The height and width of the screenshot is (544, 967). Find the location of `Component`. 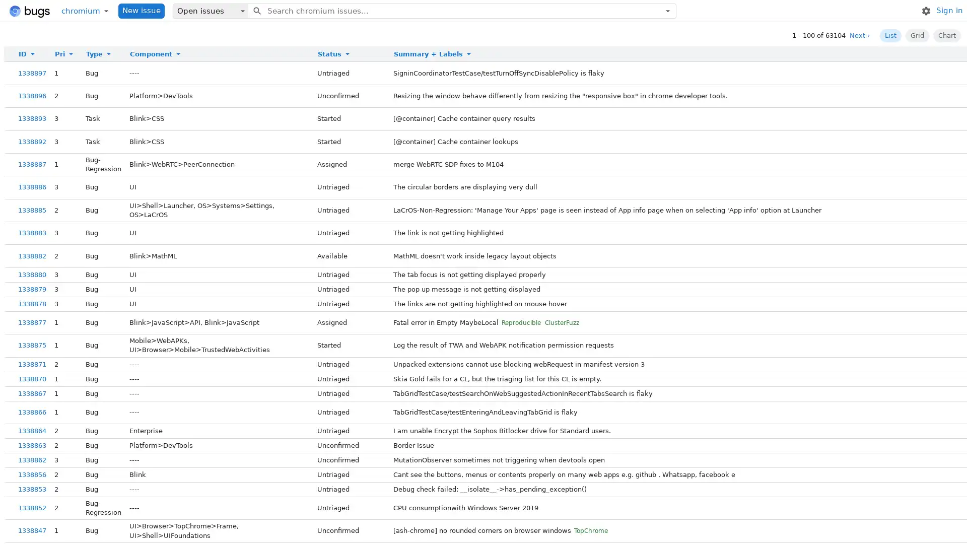

Component is located at coordinates (157, 54).